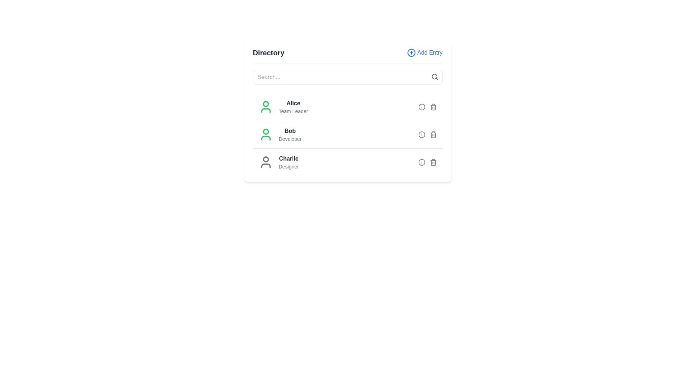  Describe the element at coordinates (283, 107) in the screenshot. I see `information displayed in the text label that shows the user's name and role, located in the first row of the user directory list, to the right of the green user icon` at that location.